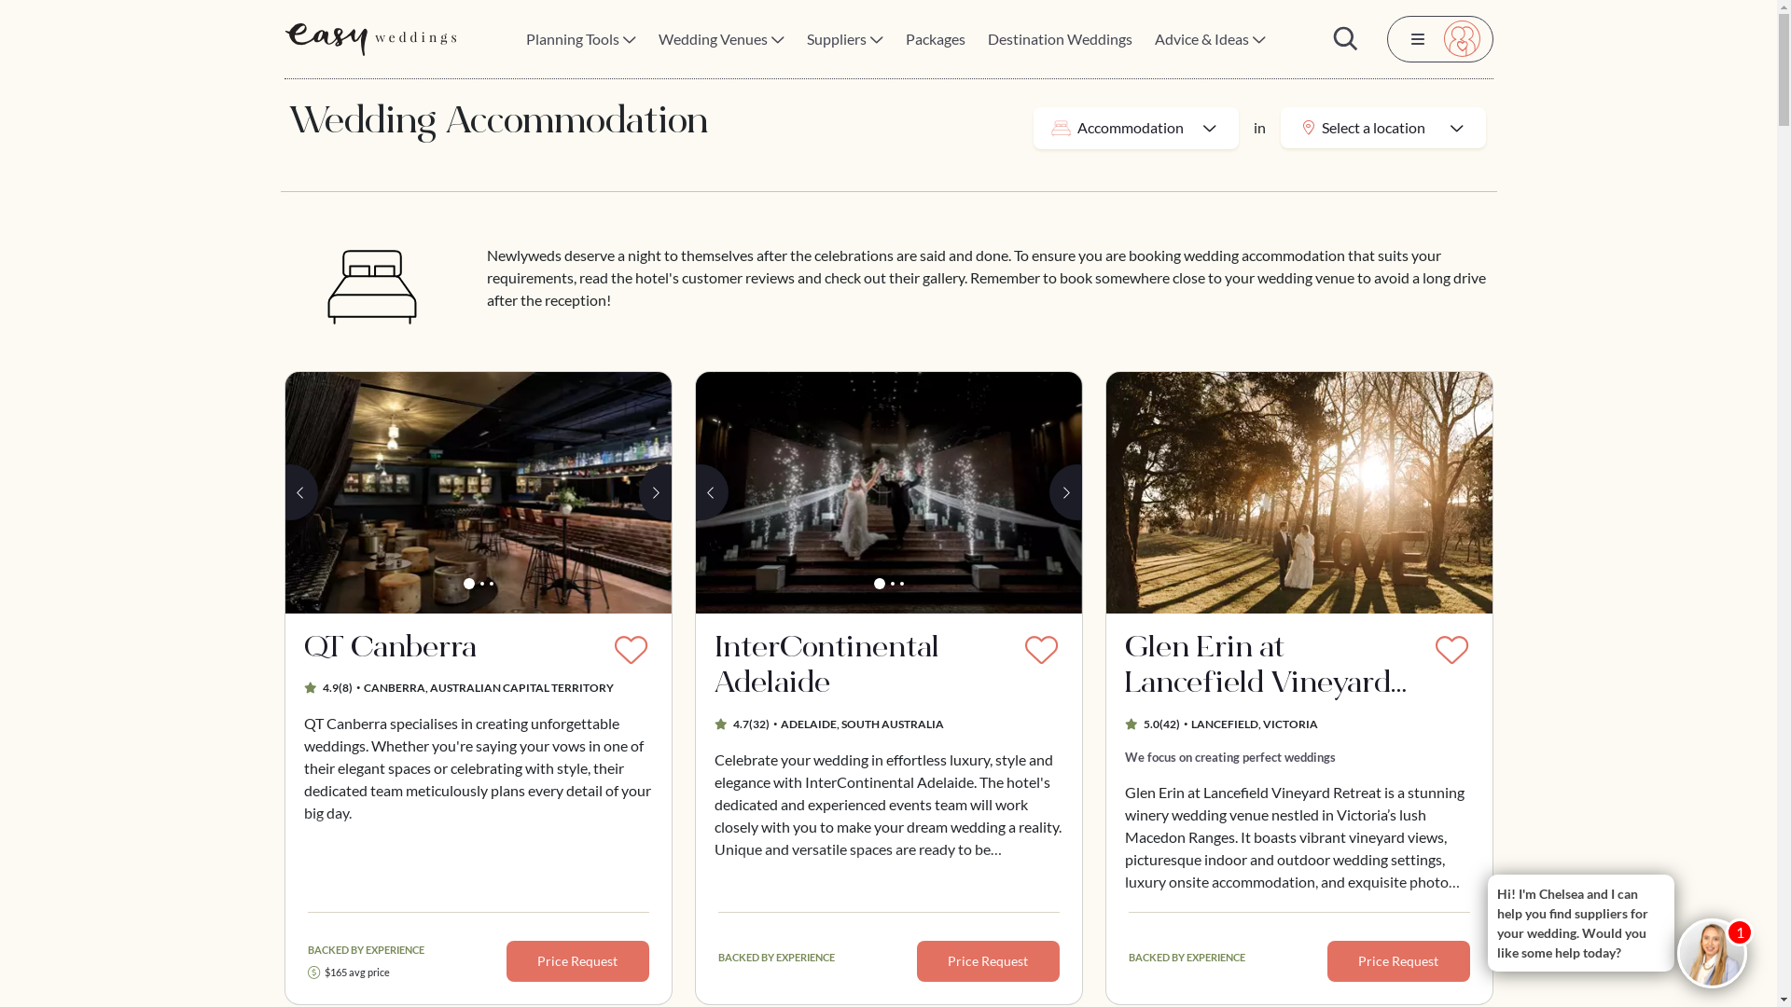 The height and width of the screenshot is (1007, 1791). I want to click on 'Wedding Venues', so click(650, 39).